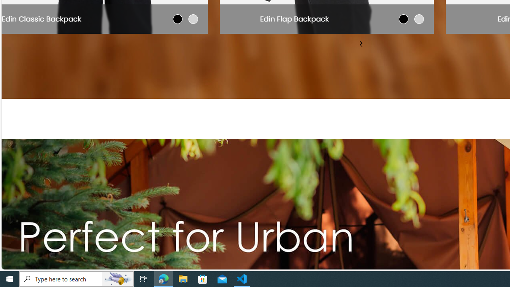 The width and height of the screenshot is (510, 287). What do you see at coordinates (360, 43) in the screenshot?
I see `'Next'` at bounding box center [360, 43].